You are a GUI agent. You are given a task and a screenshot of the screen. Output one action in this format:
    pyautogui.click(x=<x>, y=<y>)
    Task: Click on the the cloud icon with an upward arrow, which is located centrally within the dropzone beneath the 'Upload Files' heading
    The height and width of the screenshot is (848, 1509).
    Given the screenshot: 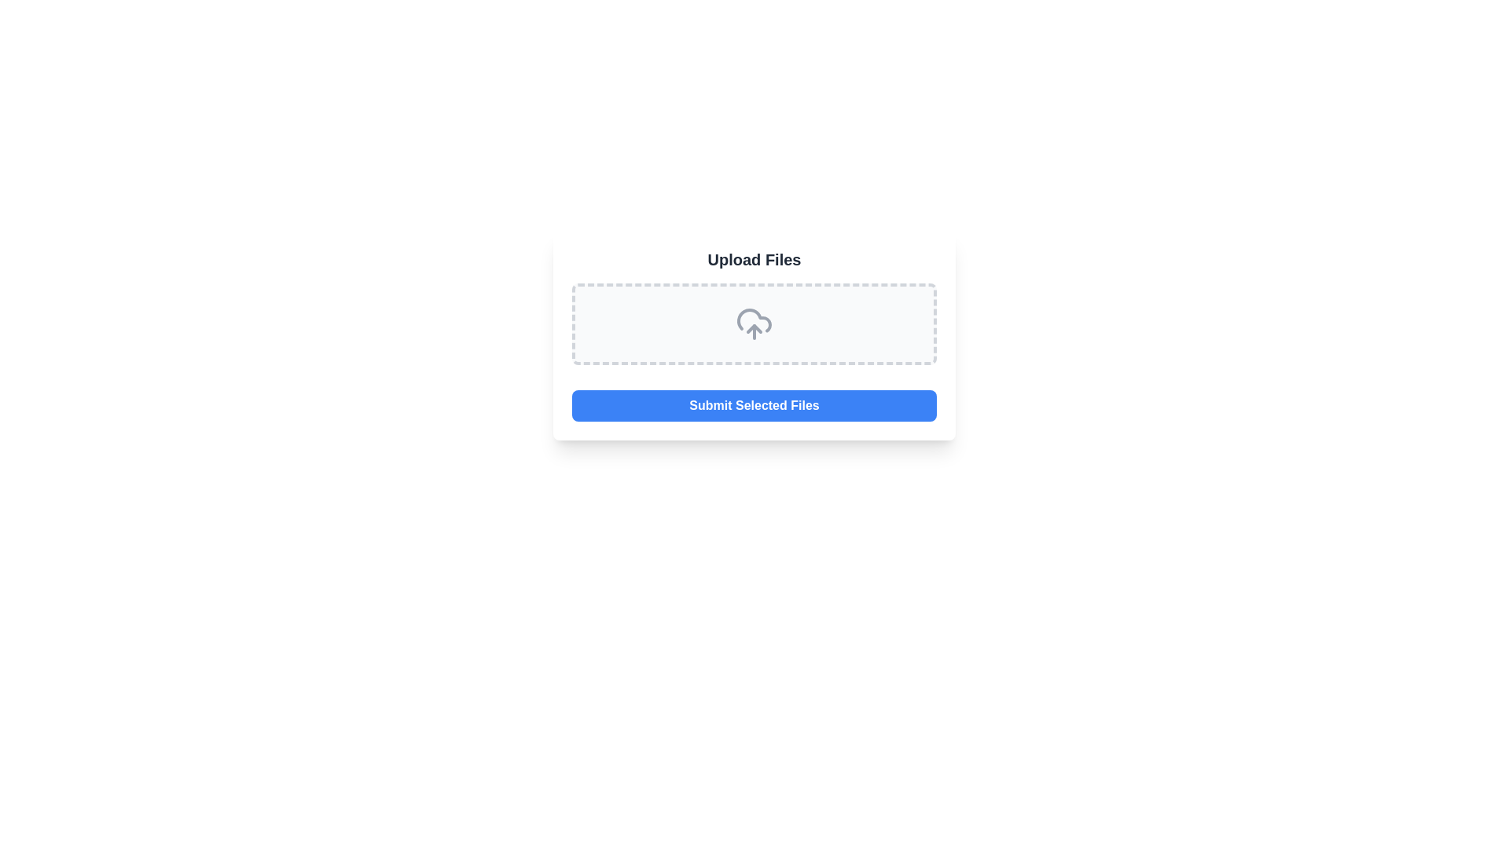 What is the action you would take?
    pyautogui.click(x=754, y=323)
    